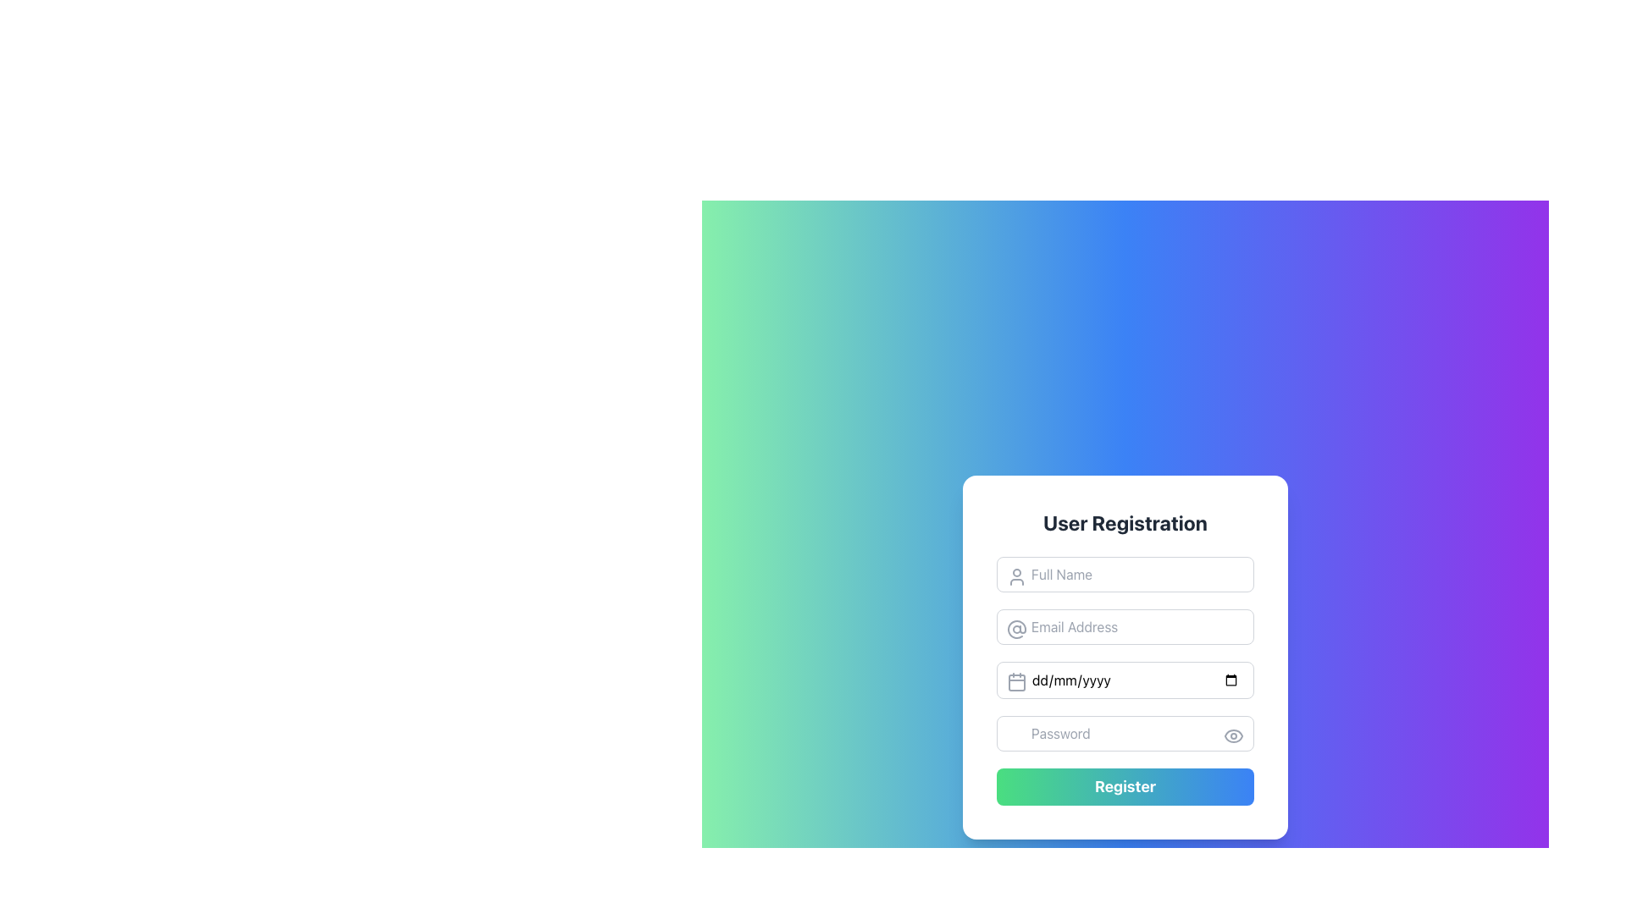 The image size is (1626, 914). Describe the element at coordinates (1016, 630) in the screenshot. I see `the email input field icon, which is located within the registration form and visually represents the email input purpose` at that location.